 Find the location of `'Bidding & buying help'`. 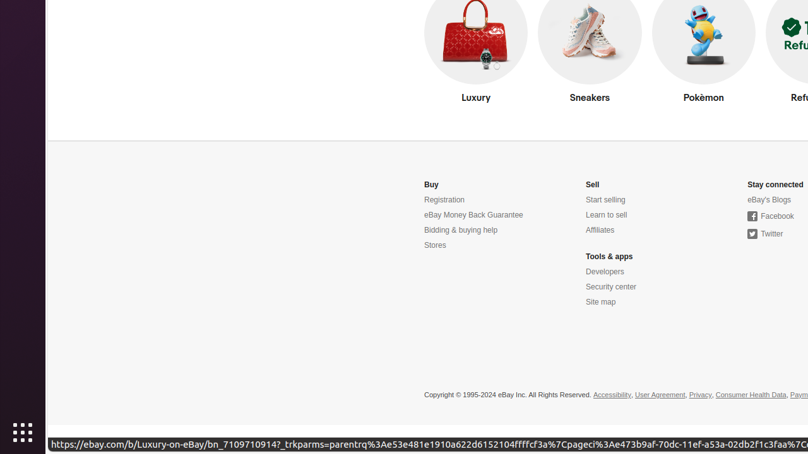

'Bidding & buying help' is located at coordinates (460, 230).